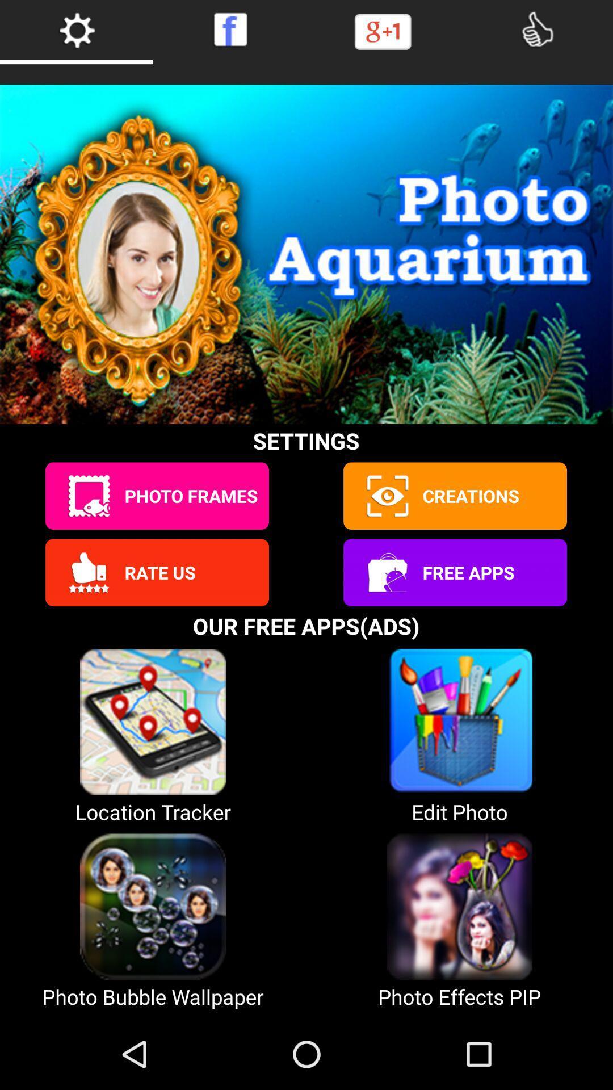 This screenshot has width=613, height=1090. Describe the element at coordinates (386, 572) in the screenshot. I see `advertisement` at that location.